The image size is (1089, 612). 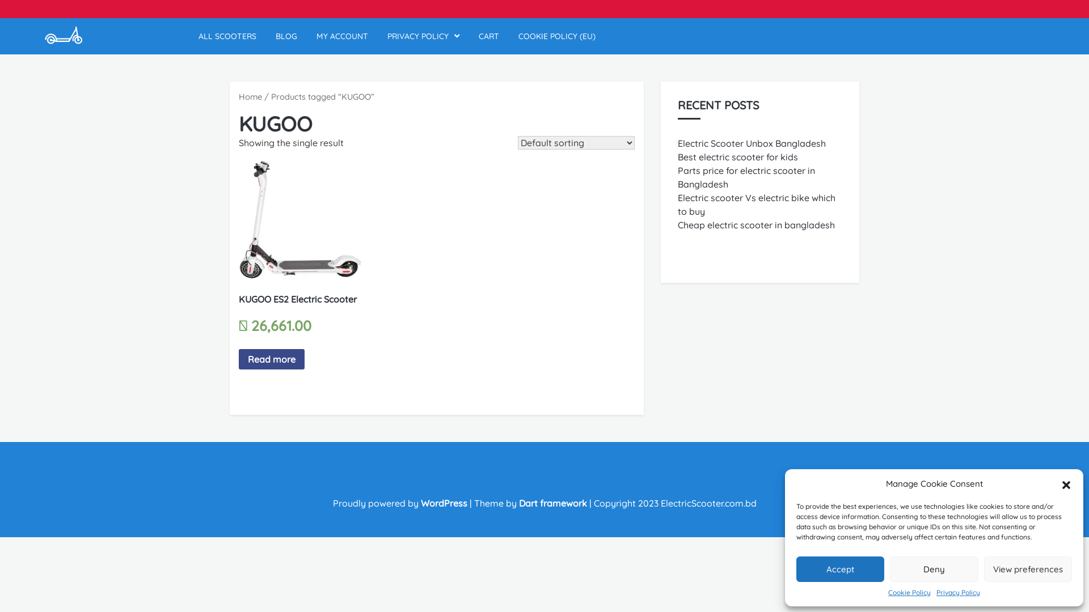 I want to click on 'Cookie Policy', so click(x=887, y=592).